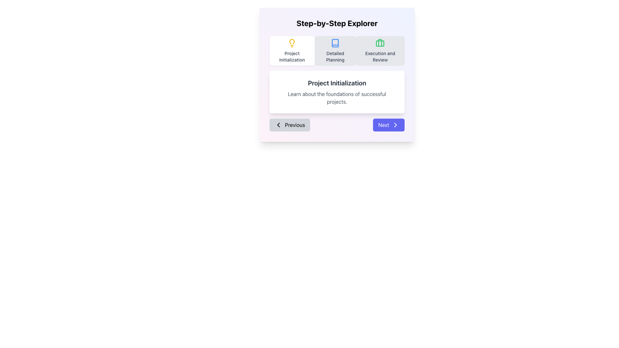 The height and width of the screenshot is (348, 619). What do you see at coordinates (279, 125) in the screenshot?
I see `the 'Previous' button located at the bottom left side of the card interface, which contains the Chevron-left icon for navigation to the previous step or page` at bounding box center [279, 125].